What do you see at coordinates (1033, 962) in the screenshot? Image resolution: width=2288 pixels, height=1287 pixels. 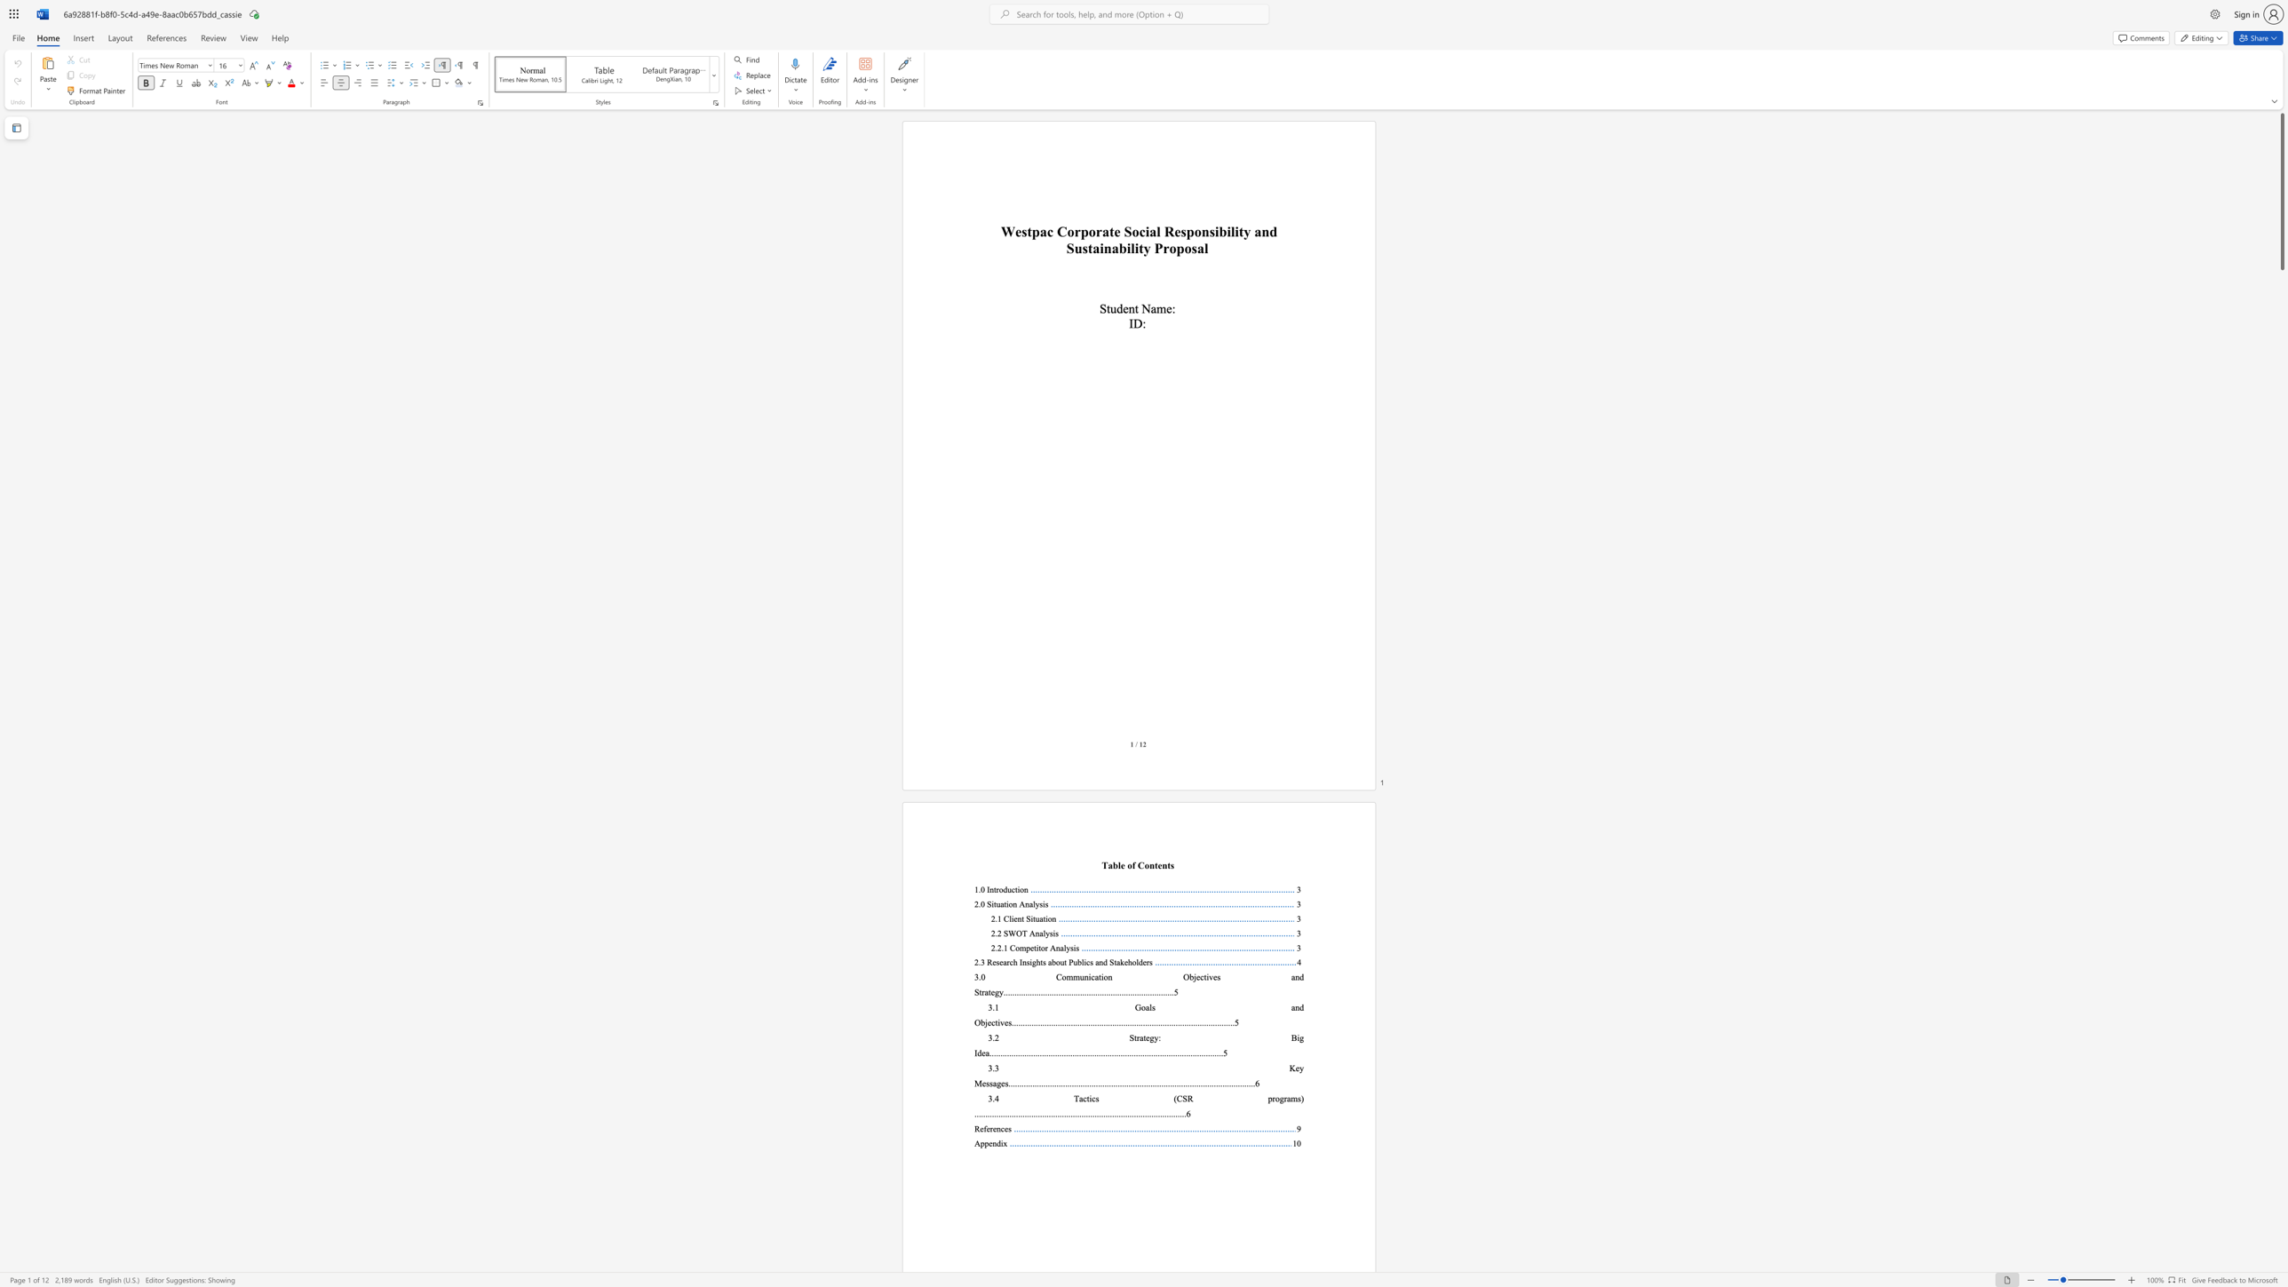 I see `the 1th character "g" in the text` at bounding box center [1033, 962].